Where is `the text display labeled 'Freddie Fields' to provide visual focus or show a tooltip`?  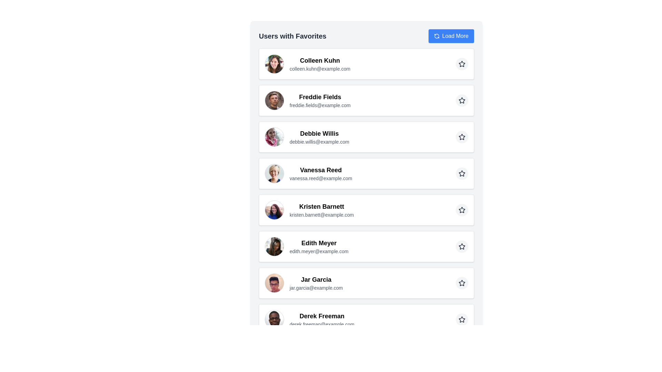
the text display labeled 'Freddie Fields' to provide visual focus or show a tooltip is located at coordinates (320, 97).